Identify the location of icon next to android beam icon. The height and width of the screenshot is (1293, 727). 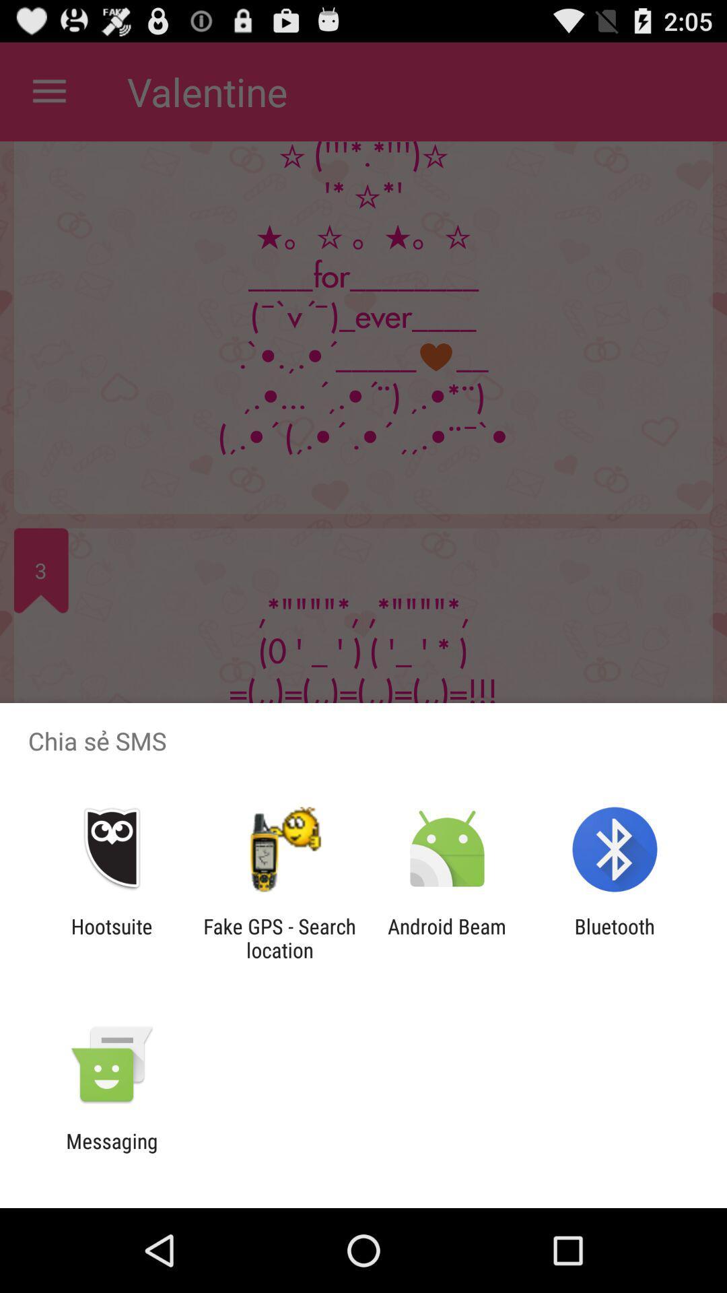
(615, 937).